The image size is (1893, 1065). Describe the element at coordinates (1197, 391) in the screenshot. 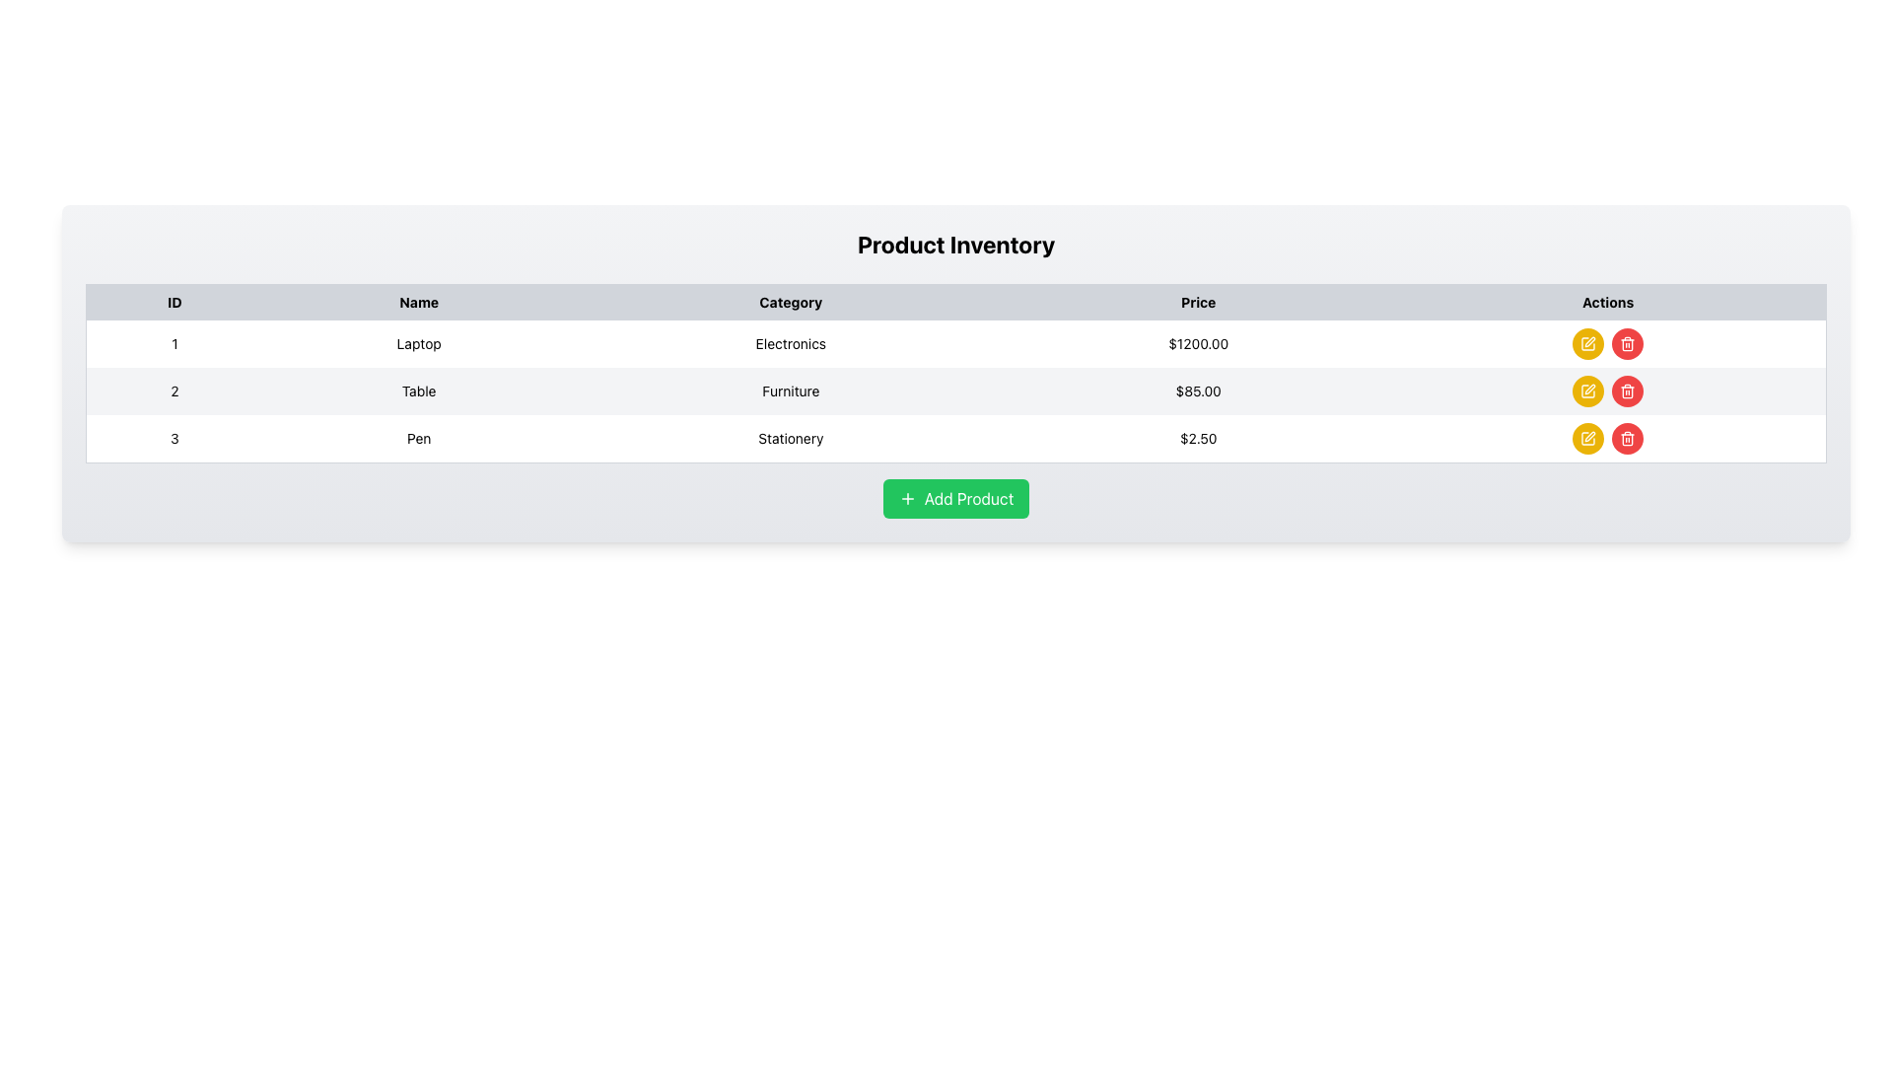

I see `text label displaying '$85.00' located in the second row of the product inventory table under the 'Price' column, positioned between the 'Category' column and the 'Actions' column` at that location.